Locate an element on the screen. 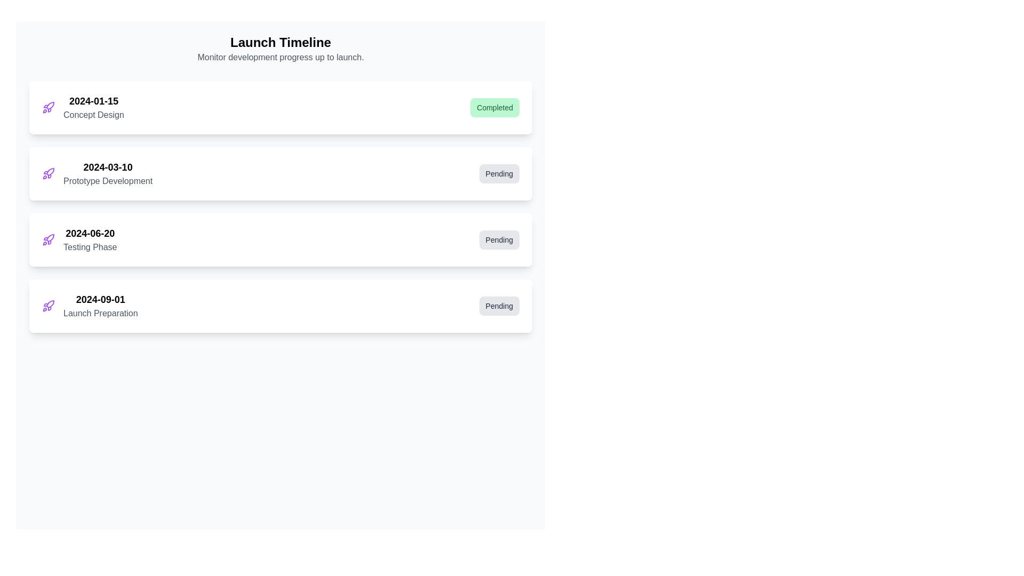 This screenshot has height=576, width=1024. the date '2024-01-15' or the project title 'Concept Design' in the timeline milestone card for more information is located at coordinates (281, 107).